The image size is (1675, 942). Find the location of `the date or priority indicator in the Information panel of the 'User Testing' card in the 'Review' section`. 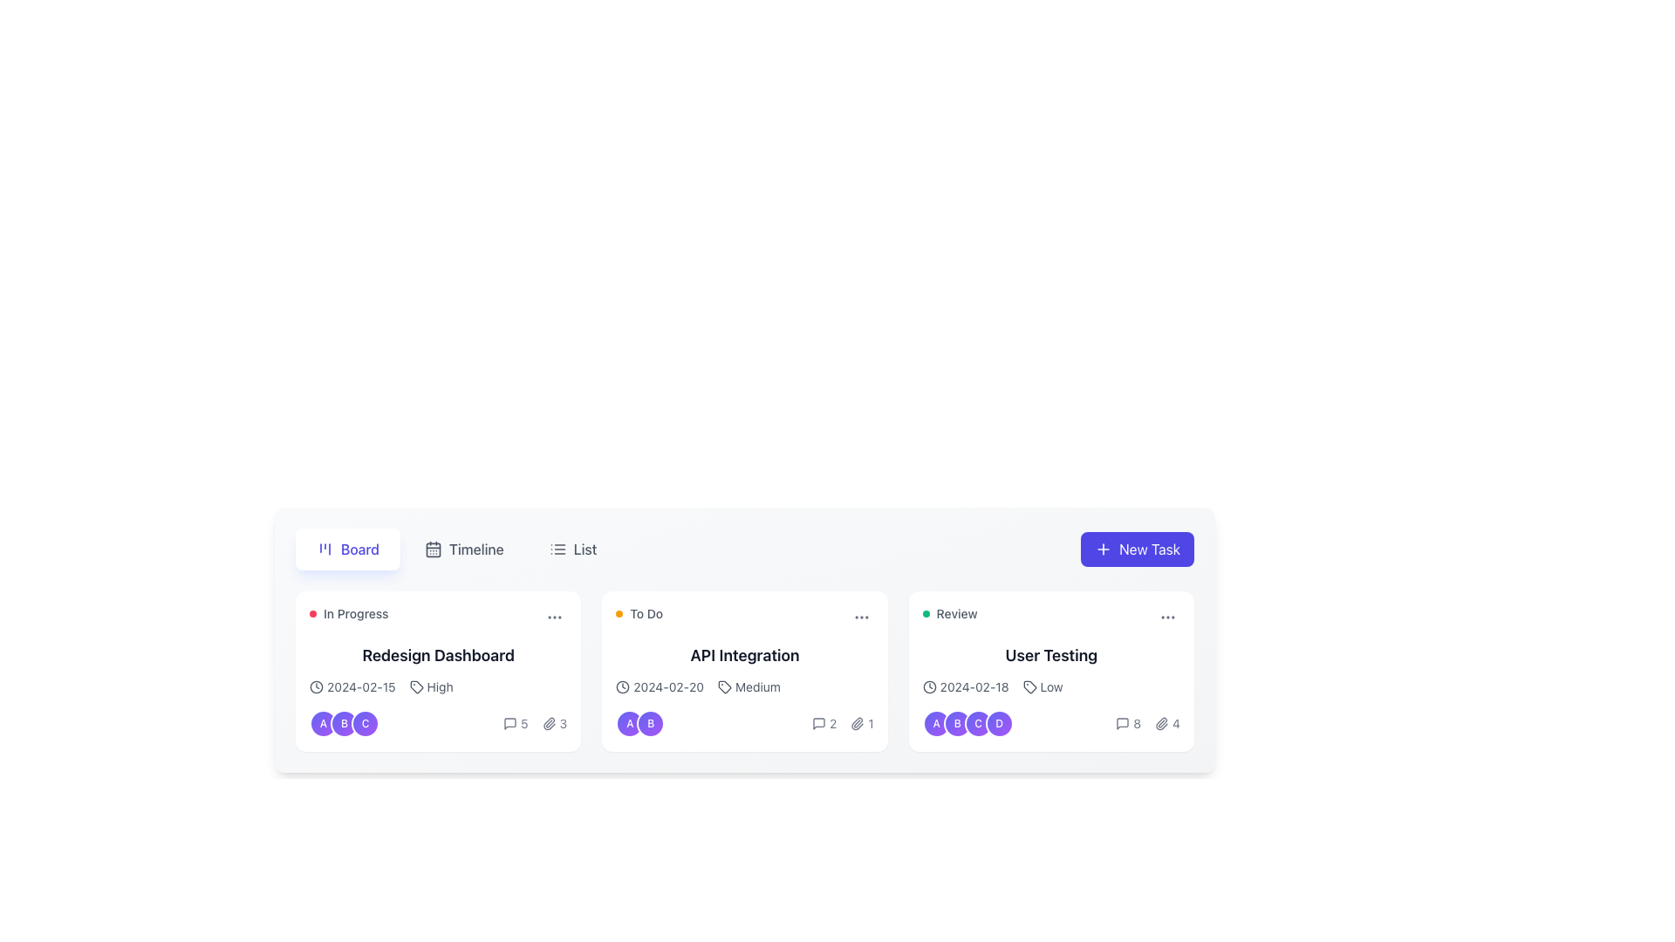

the date or priority indicator in the Information panel of the 'User Testing' card in the 'Review' section is located at coordinates (1050, 708).